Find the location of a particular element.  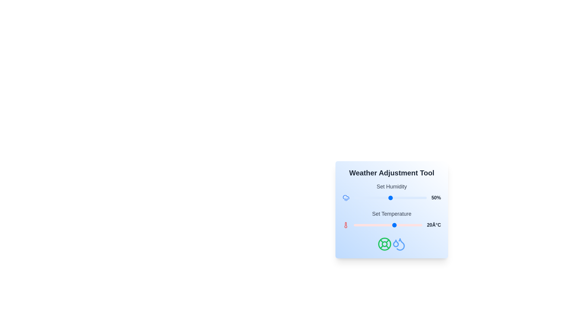

the humidity slider to 21% is located at coordinates (369, 198).